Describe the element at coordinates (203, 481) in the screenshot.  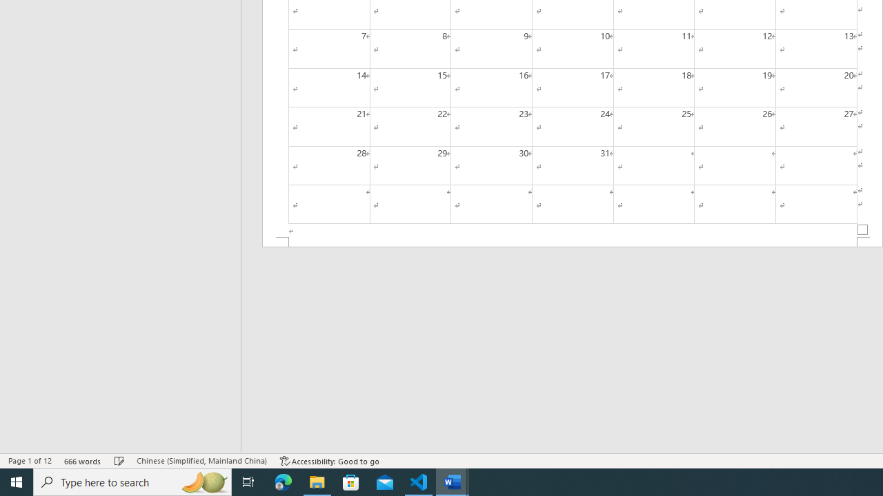
I see `'Search highlights icon opens search home window'` at that location.